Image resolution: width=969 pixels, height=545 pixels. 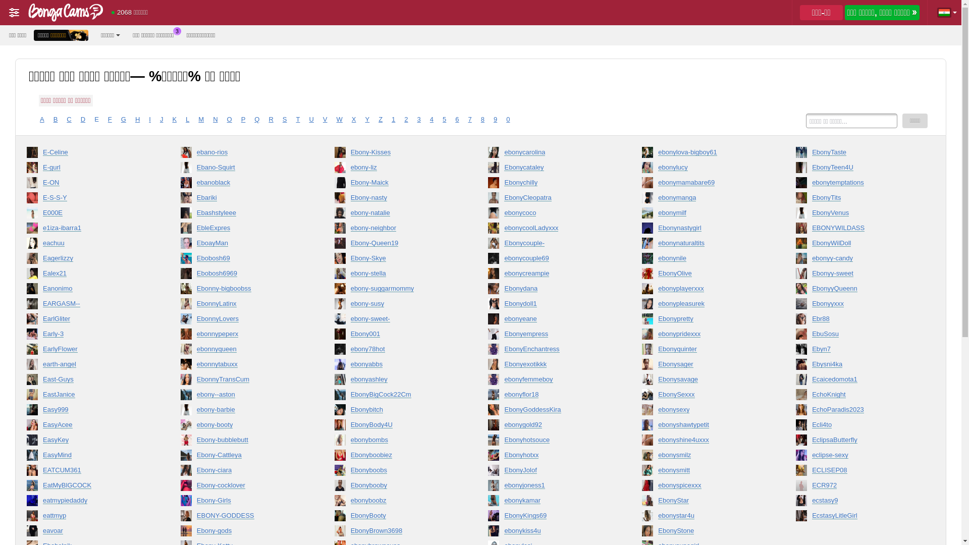 What do you see at coordinates (397, 154) in the screenshot?
I see `'Ebony-Kisses'` at bounding box center [397, 154].